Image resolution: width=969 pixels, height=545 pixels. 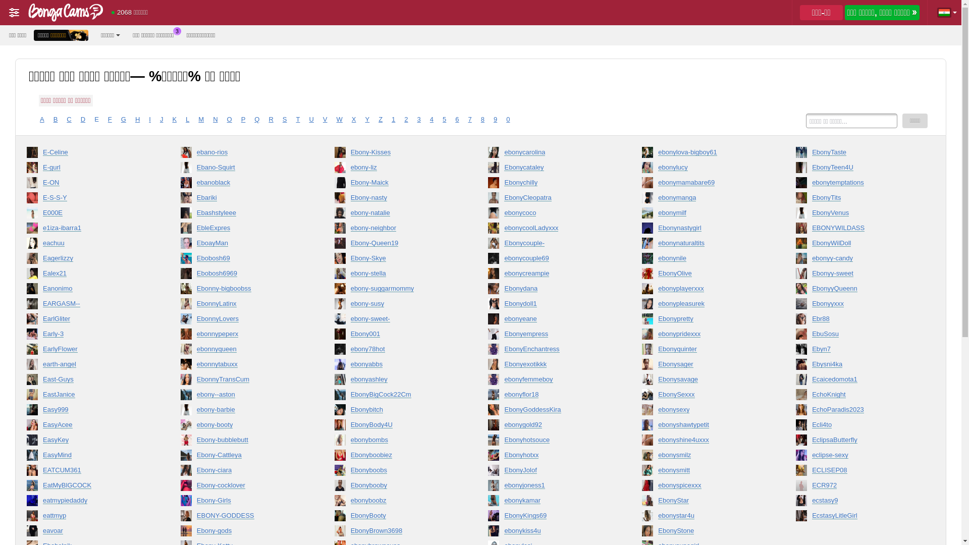 What do you see at coordinates (397, 154) in the screenshot?
I see `'Ebony-Kisses'` at bounding box center [397, 154].